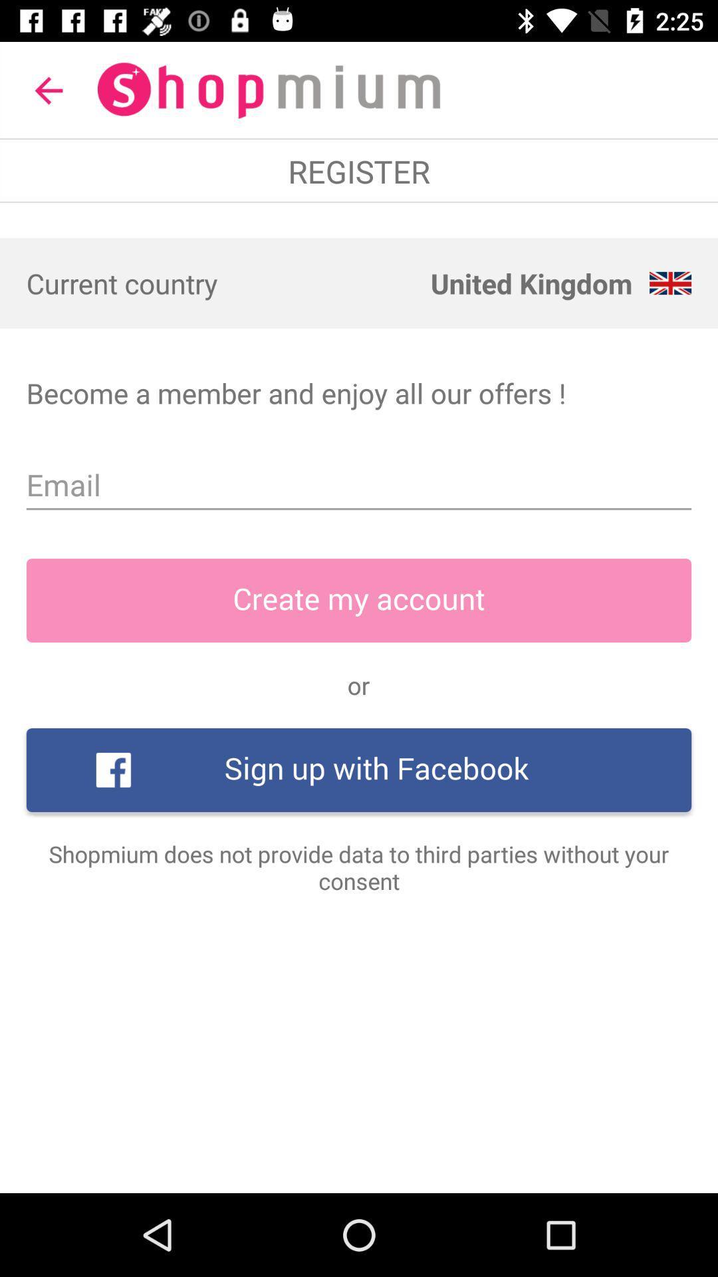 This screenshot has width=718, height=1277. I want to click on item below the or icon, so click(359, 770).